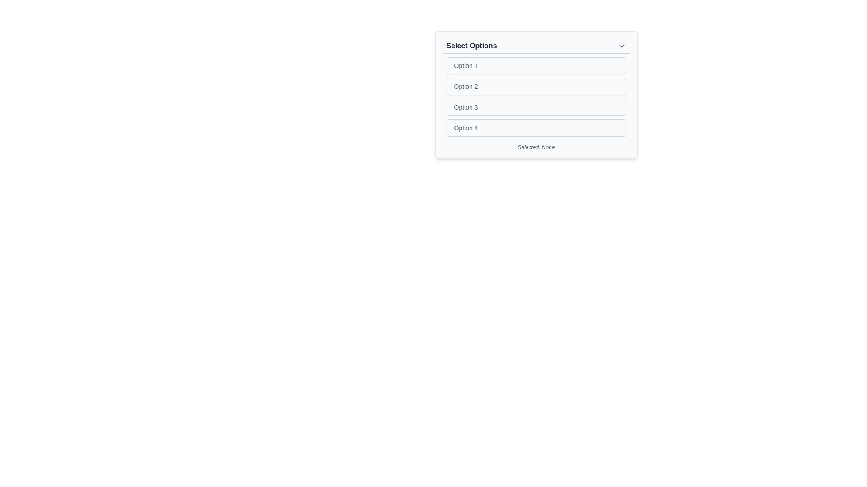 The image size is (867, 487). I want to click on the second option button in the vertical list, so click(536, 87).